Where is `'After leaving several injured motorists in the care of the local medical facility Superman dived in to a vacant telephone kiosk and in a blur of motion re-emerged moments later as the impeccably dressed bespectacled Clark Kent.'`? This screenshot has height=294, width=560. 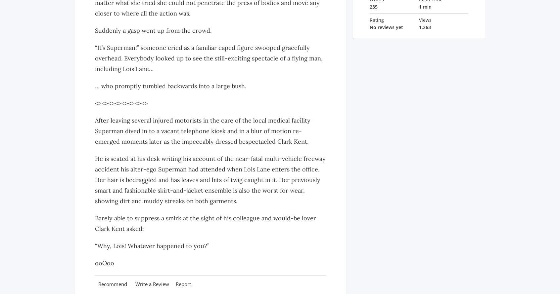
'After leaving several injured motorists in the care of the local medical facility Superman dived in to a vacant telephone kiosk and in a blur of motion re-emerged moments later as the impeccably dressed bespectacled Clark Kent.' is located at coordinates (202, 130).